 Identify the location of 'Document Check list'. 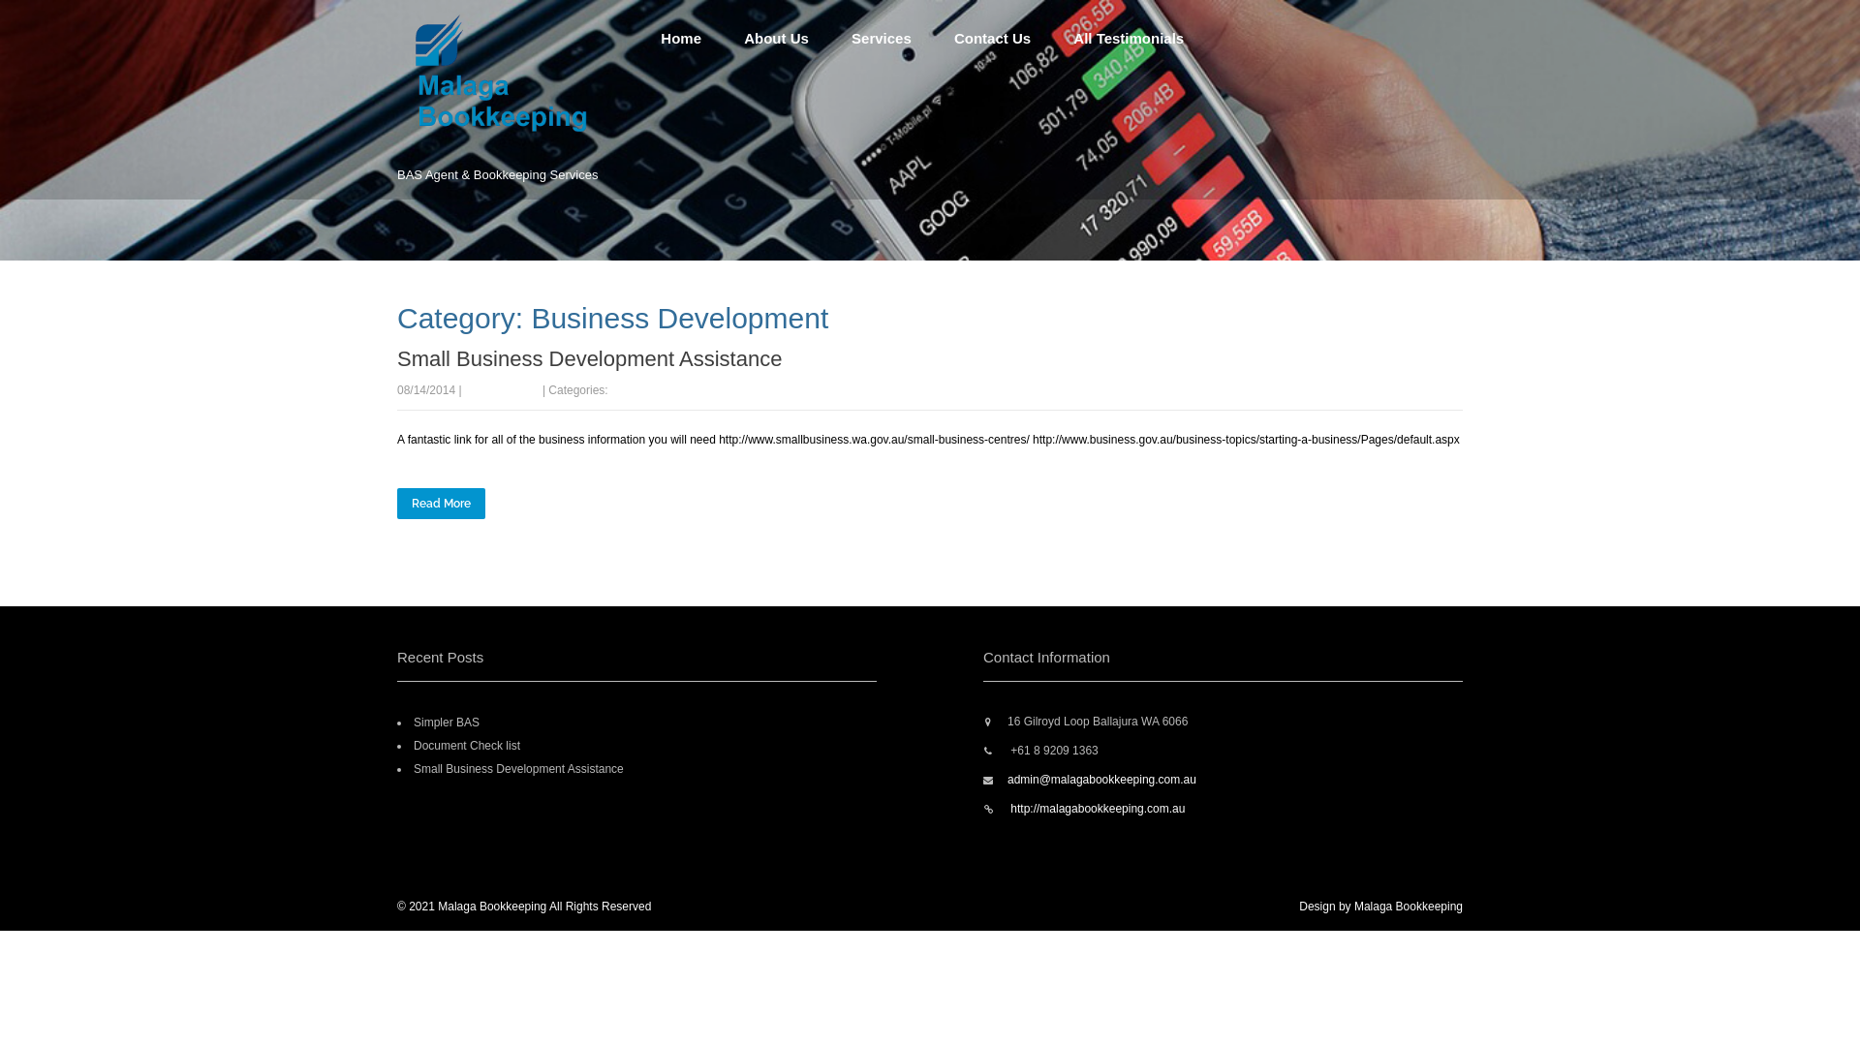
(466, 745).